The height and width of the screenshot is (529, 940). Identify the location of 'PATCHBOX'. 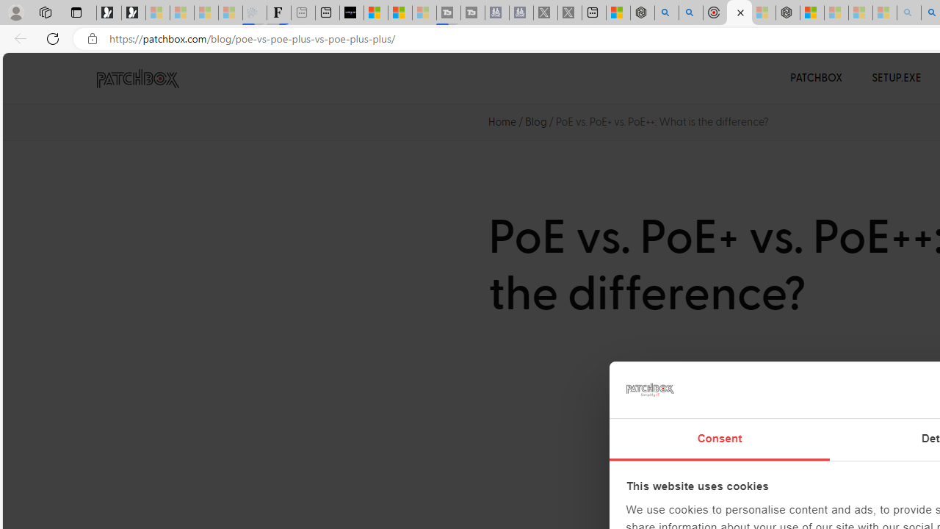
(815, 78).